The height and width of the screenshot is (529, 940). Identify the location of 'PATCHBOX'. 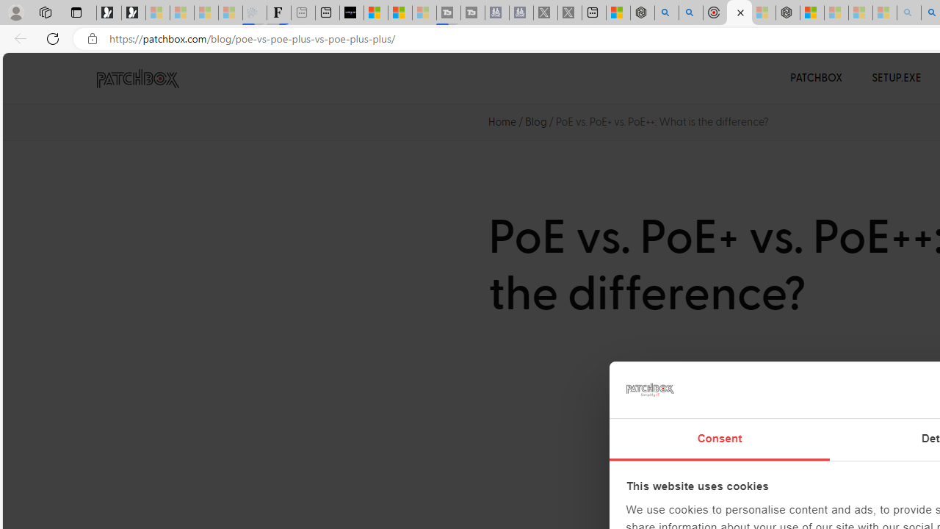
(815, 78).